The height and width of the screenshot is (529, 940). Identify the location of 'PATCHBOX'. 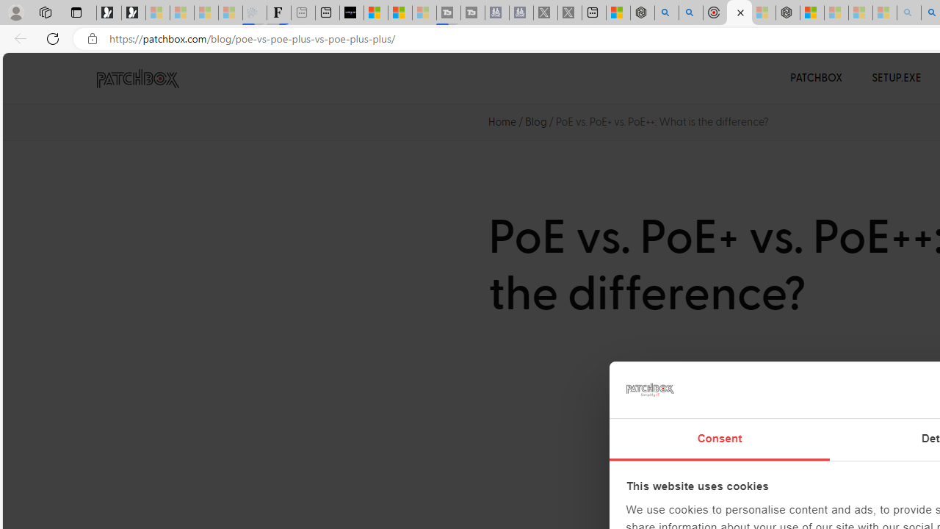
(815, 78).